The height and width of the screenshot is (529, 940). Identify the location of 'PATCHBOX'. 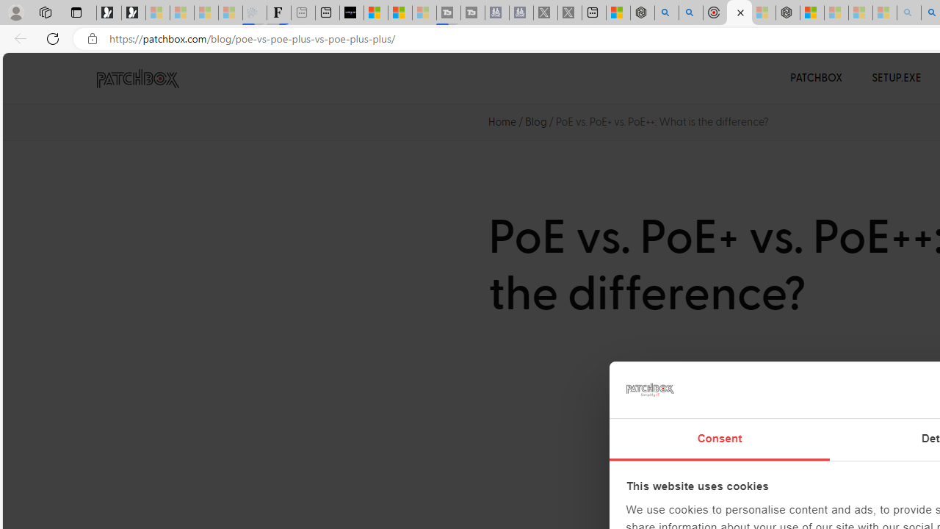
(815, 78).